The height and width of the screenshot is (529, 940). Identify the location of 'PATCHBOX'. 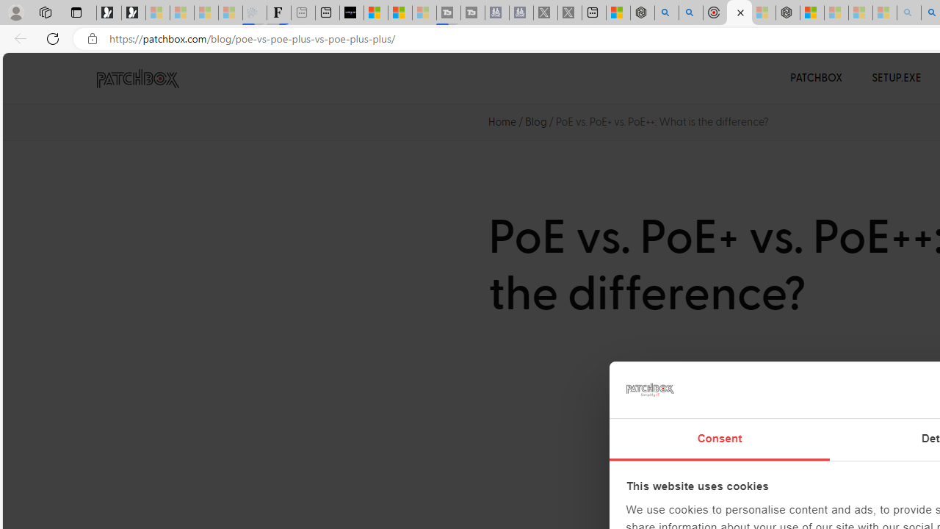
(815, 78).